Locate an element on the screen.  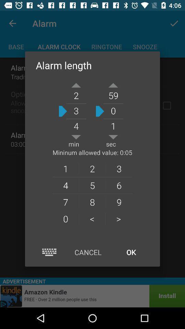
ok is located at coordinates (131, 252).